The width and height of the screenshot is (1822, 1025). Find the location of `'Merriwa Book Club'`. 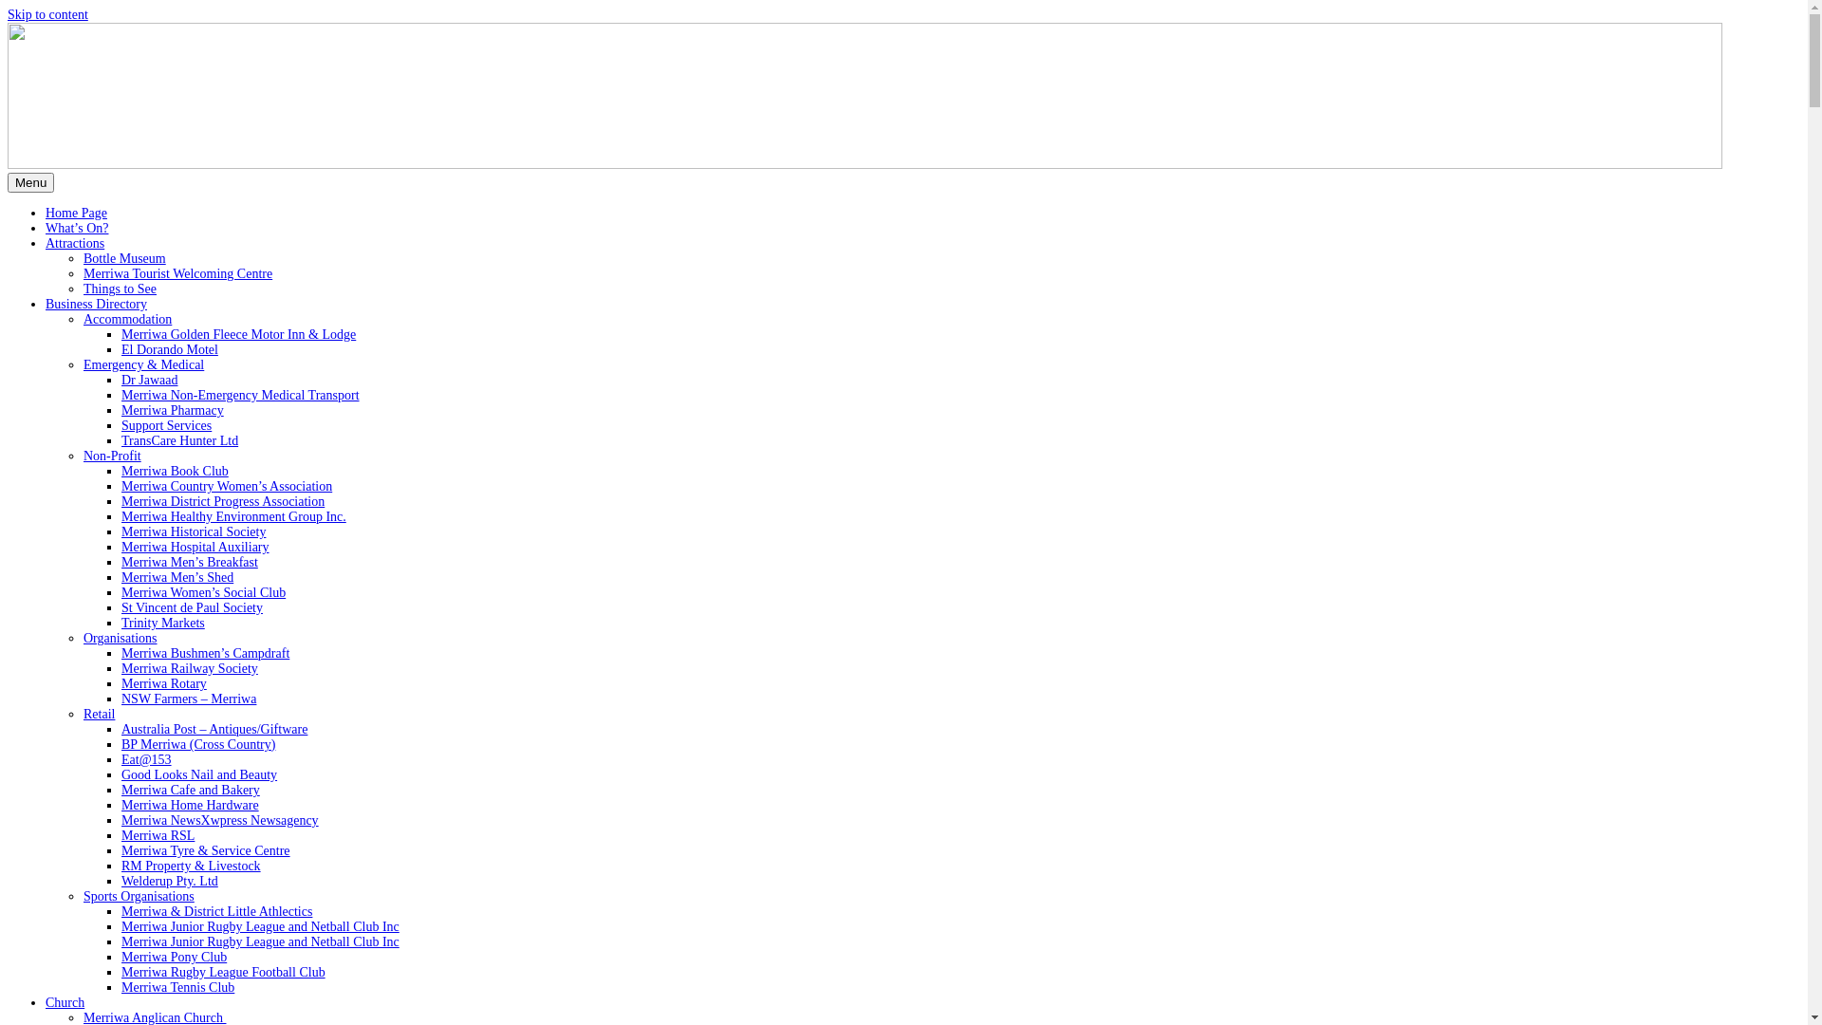

'Merriwa Book Club' is located at coordinates (175, 470).